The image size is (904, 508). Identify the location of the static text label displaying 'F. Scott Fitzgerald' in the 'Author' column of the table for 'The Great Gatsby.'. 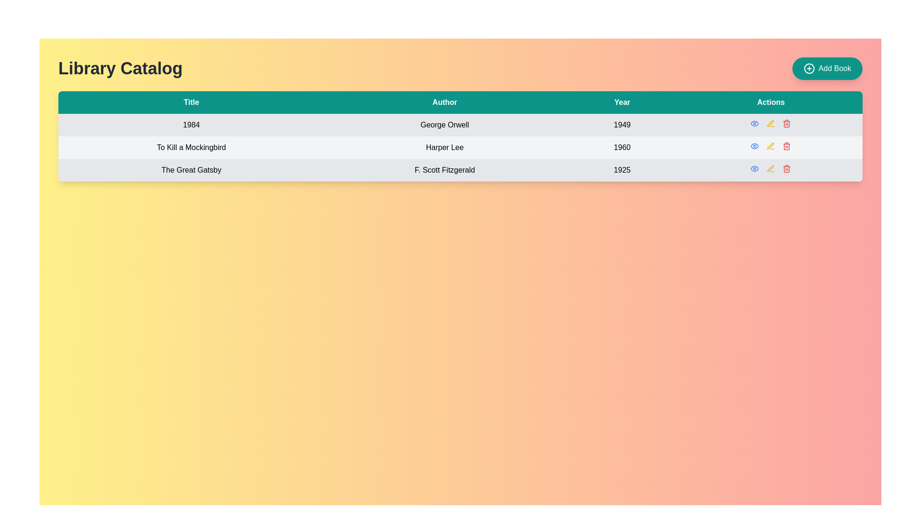
(444, 170).